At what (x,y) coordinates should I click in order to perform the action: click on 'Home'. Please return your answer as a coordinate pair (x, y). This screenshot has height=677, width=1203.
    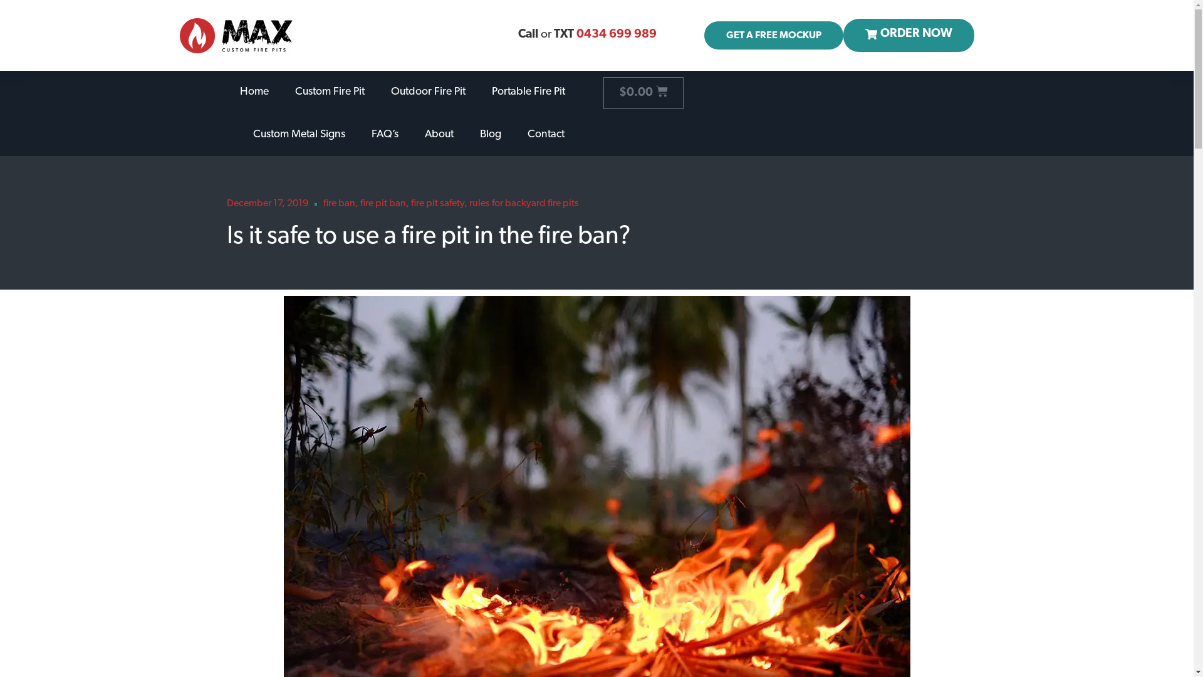
    Looking at the image, I should click on (253, 91).